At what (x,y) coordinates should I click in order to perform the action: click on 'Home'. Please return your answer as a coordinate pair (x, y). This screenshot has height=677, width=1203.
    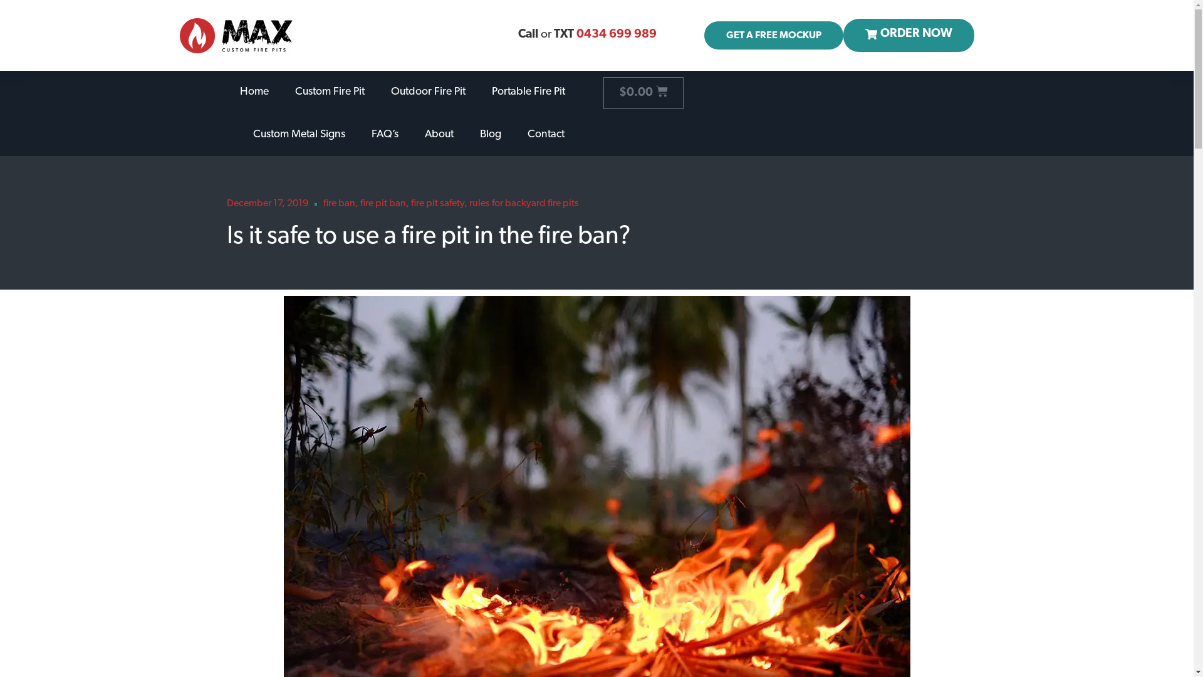
    Looking at the image, I should click on (253, 91).